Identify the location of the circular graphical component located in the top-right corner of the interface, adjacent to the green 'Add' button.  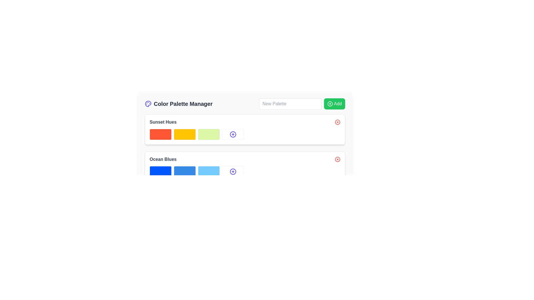
(330, 104).